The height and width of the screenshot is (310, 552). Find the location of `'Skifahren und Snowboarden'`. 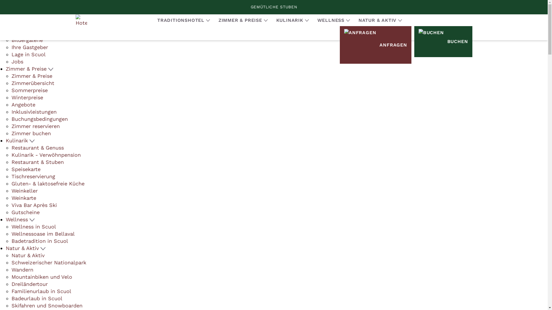

'Skifahren und Snowboarden' is located at coordinates (47, 305).